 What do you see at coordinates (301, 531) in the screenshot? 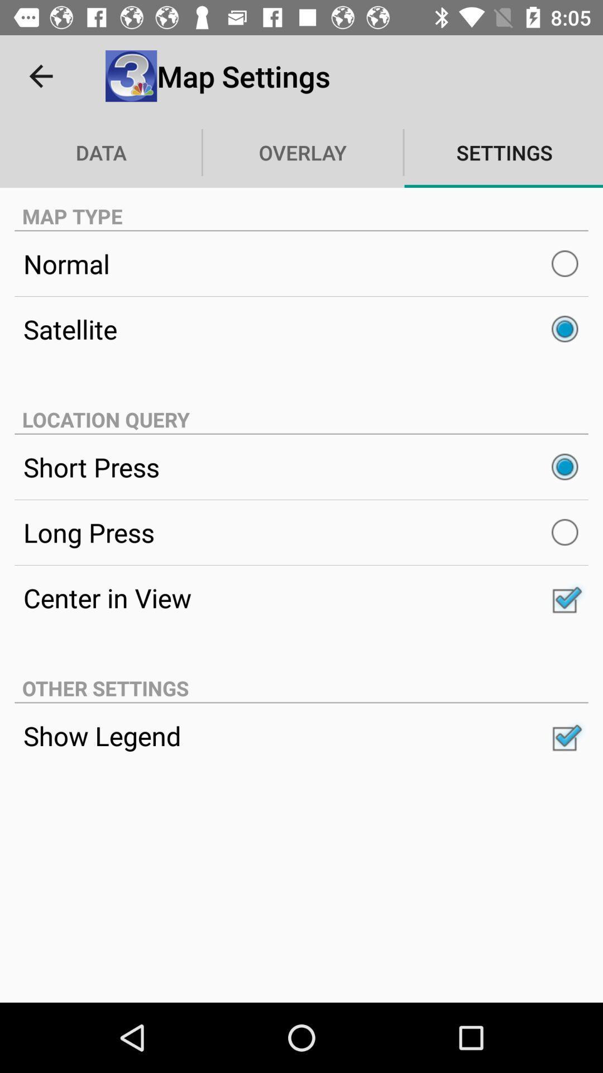
I see `item below short press item` at bounding box center [301, 531].